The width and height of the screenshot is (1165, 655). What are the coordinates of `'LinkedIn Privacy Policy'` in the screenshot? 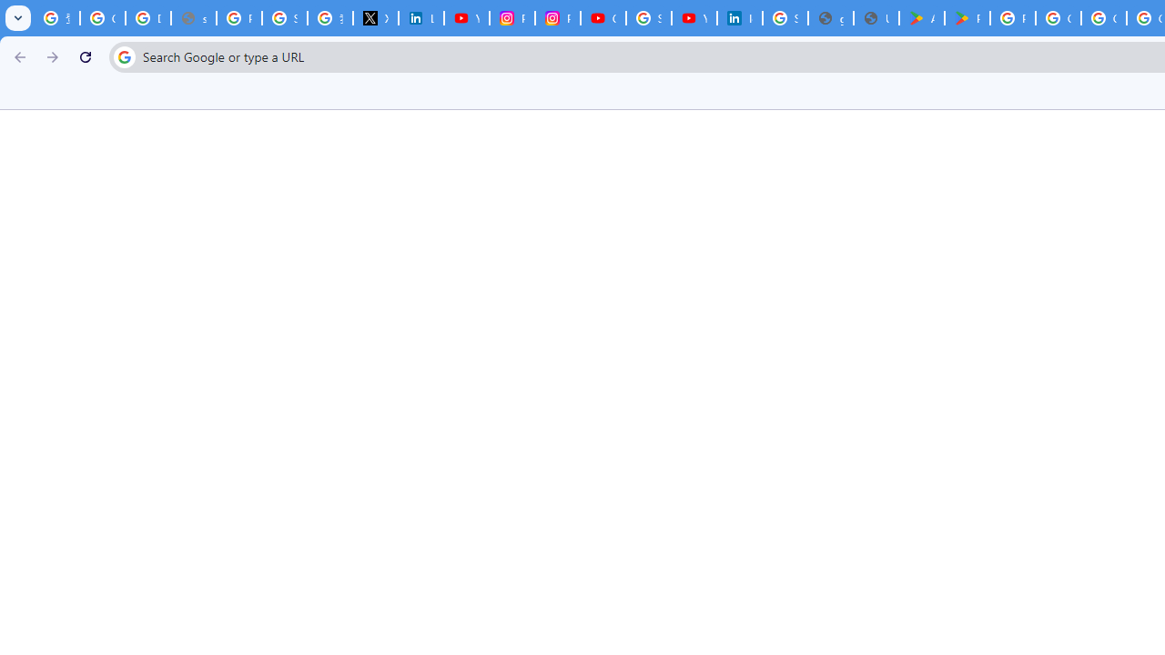 It's located at (420, 18).